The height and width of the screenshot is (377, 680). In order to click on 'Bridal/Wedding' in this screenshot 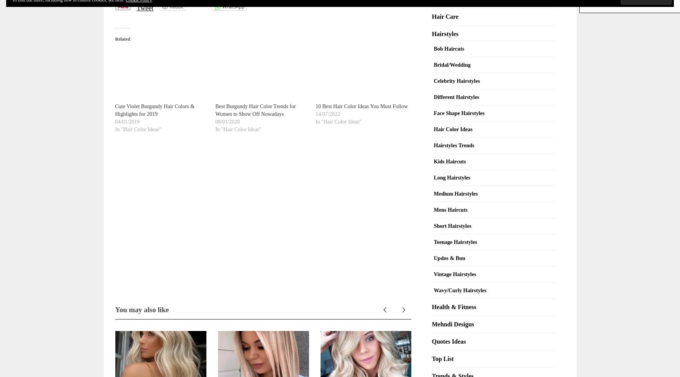, I will do `click(452, 64)`.